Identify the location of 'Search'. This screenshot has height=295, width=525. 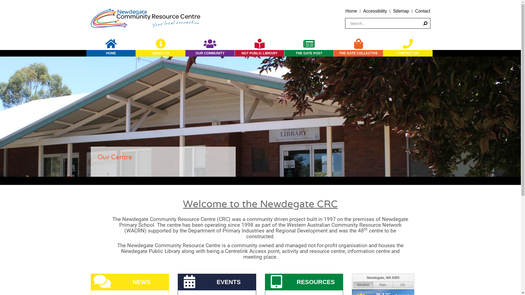
(419, 23).